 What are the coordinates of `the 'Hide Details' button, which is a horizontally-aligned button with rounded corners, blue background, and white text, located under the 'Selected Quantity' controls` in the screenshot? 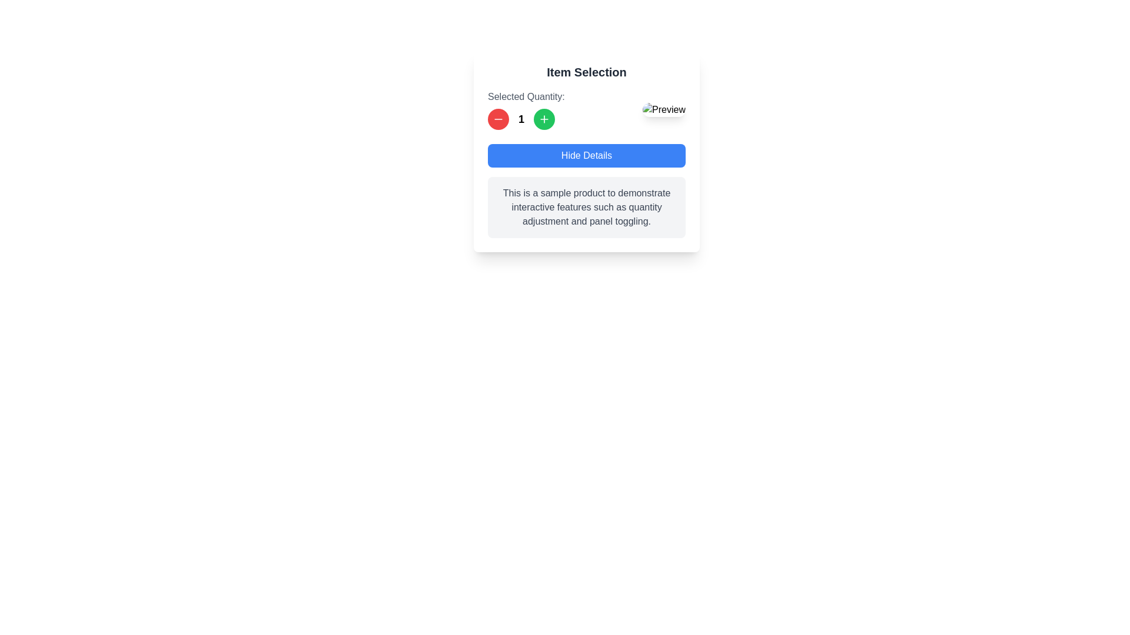 It's located at (587, 155).